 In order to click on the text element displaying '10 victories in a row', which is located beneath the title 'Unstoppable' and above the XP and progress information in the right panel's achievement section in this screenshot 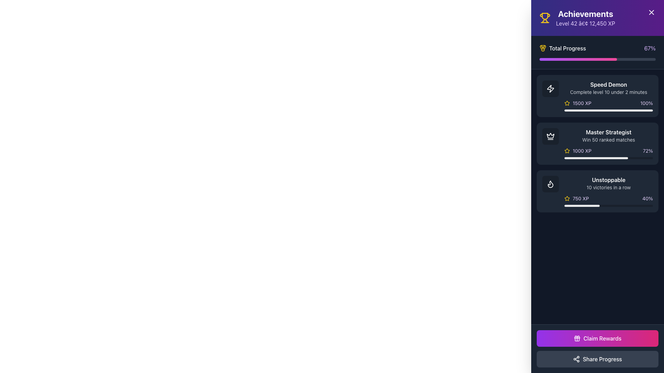, I will do `click(609, 188)`.